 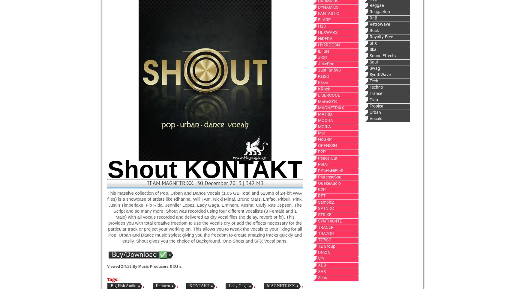 I want to click on '27521', so click(x=126, y=267).